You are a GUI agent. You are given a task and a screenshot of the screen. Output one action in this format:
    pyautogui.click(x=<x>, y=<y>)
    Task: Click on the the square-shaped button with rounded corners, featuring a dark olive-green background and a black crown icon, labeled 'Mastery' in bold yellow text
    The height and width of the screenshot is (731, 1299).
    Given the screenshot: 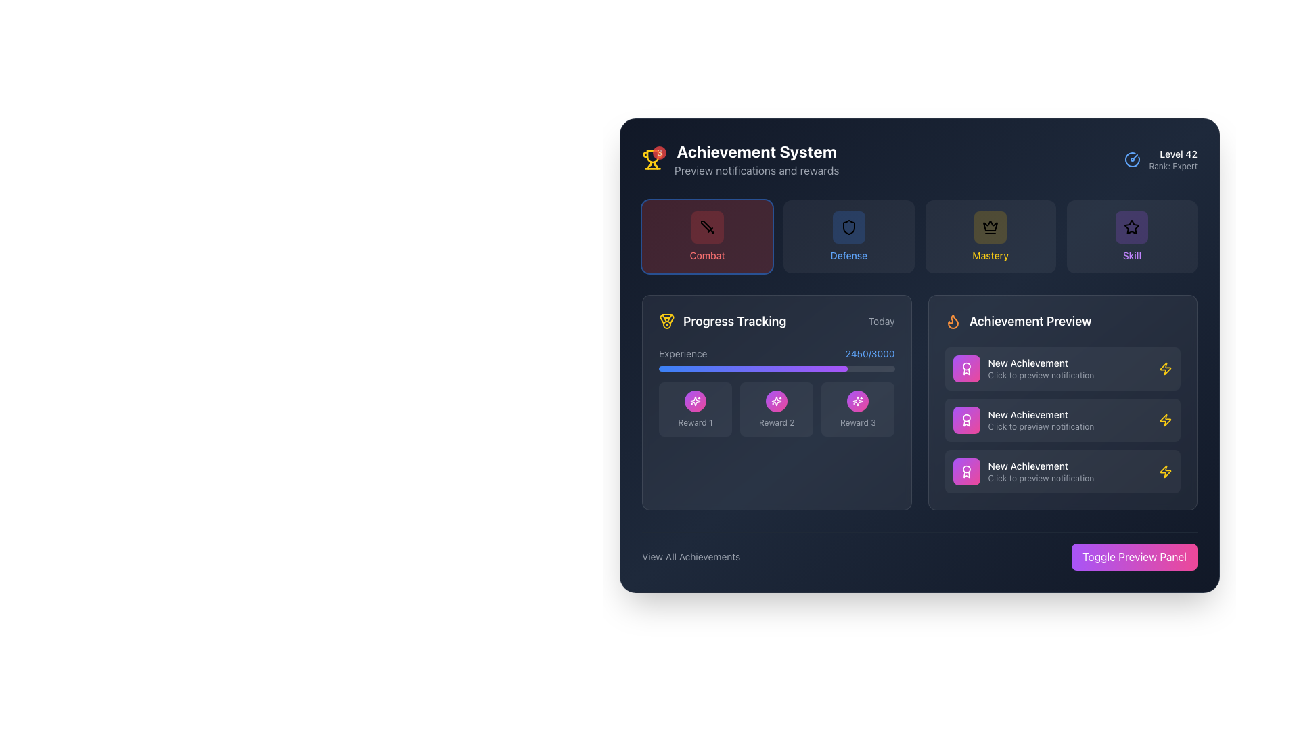 What is the action you would take?
    pyautogui.click(x=990, y=236)
    